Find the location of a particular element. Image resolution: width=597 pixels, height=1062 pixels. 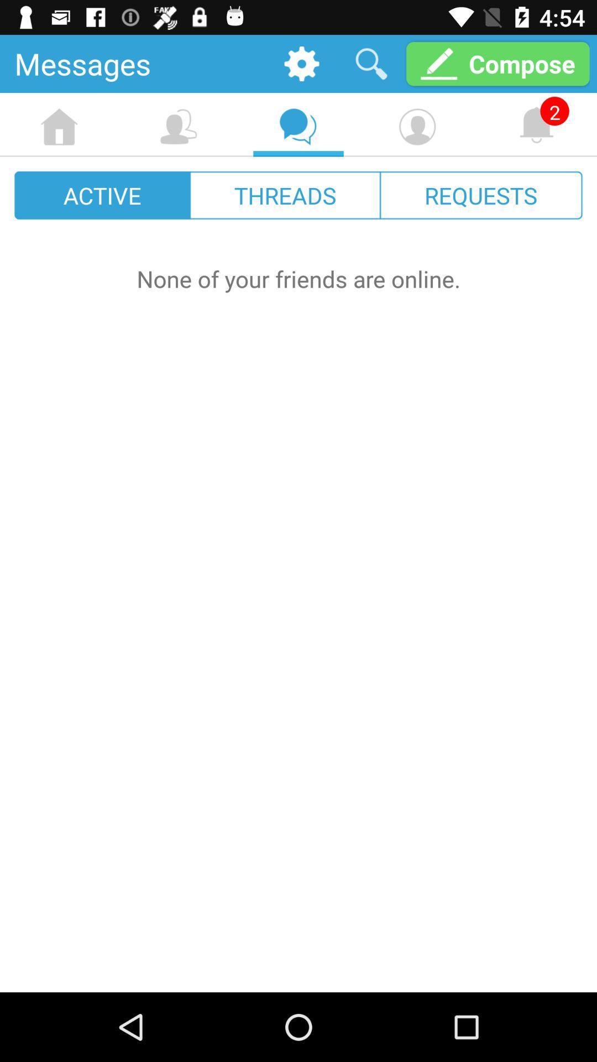

requests is located at coordinates (480, 195).